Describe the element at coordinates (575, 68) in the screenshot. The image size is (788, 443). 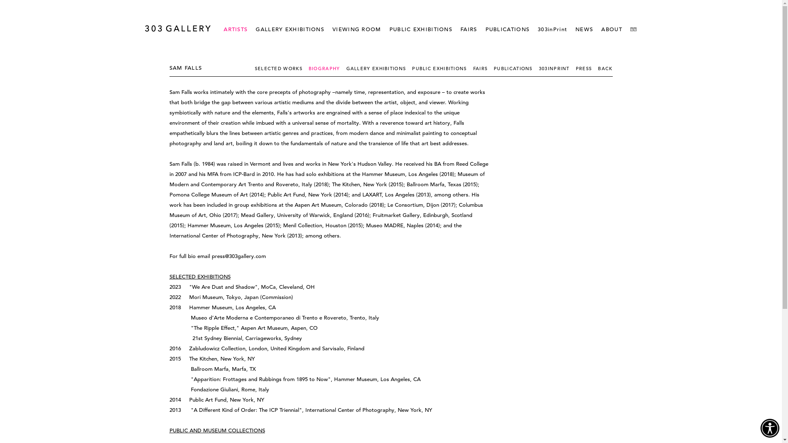
I see `'PRESS'` at that location.